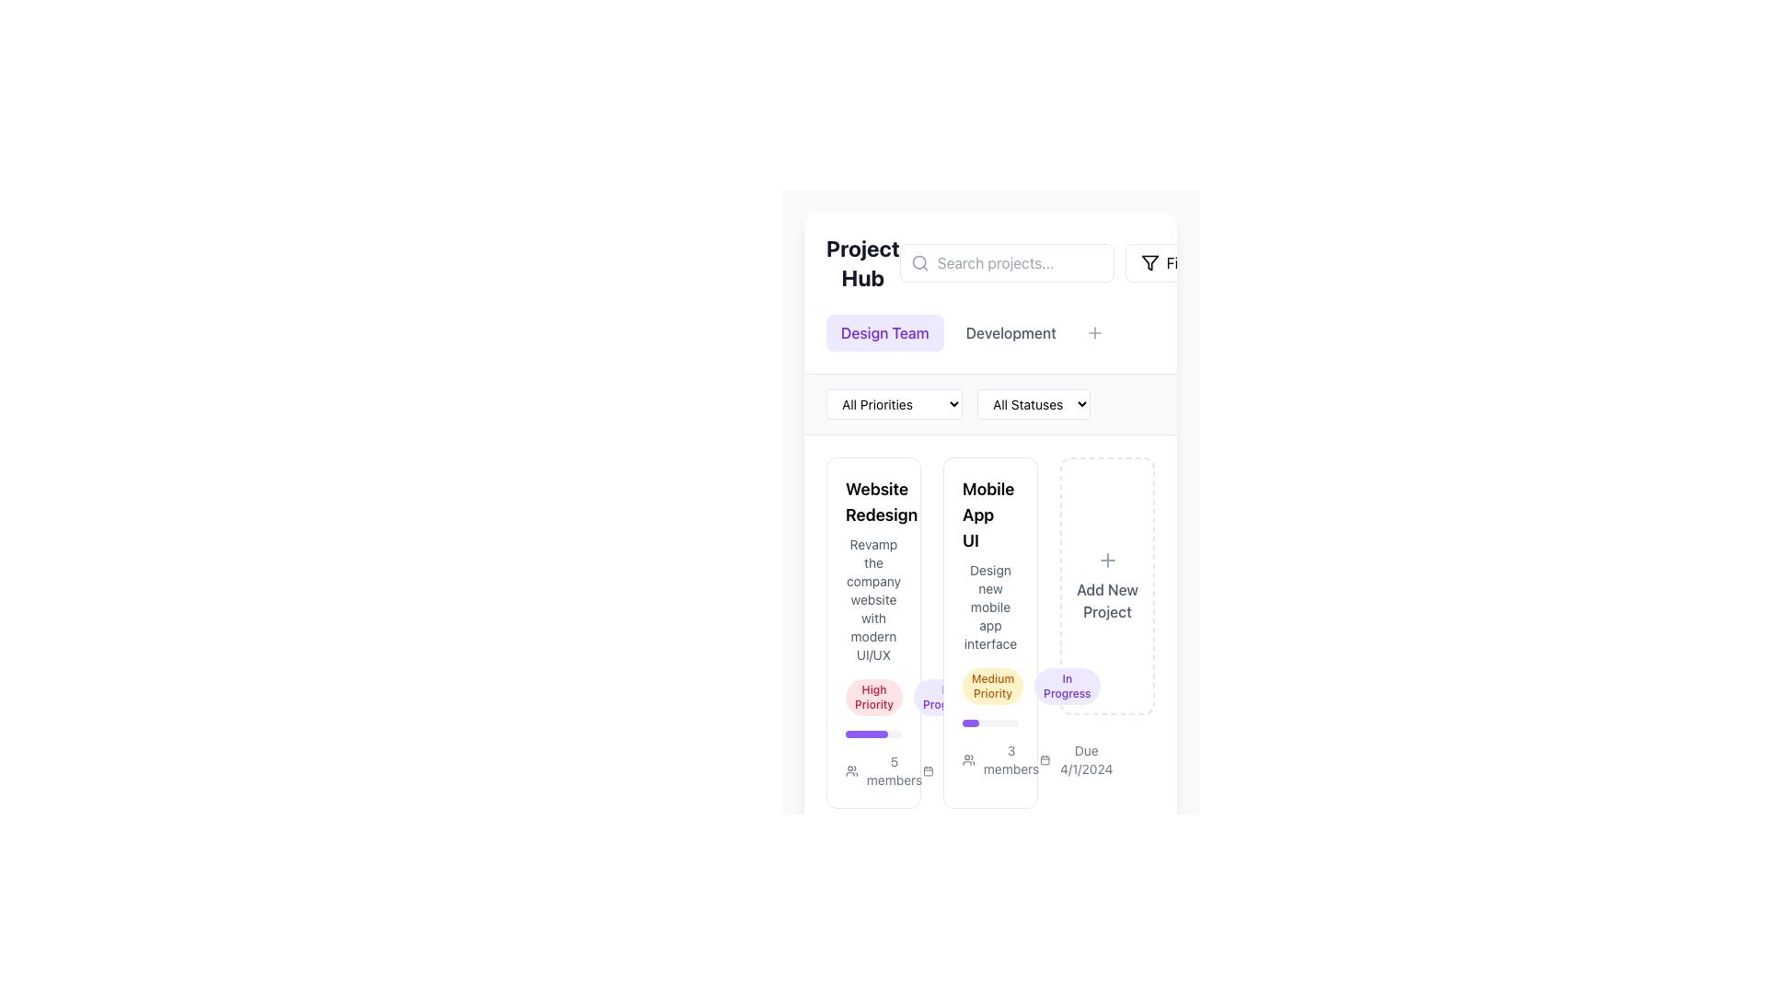  What do you see at coordinates (1086, 759) in the screenshot?
I see `the static Text label indicating the due date for the associated project or task located at the bottom of the vertical list in the rightmost project card` at bounding box center [1086, 759].